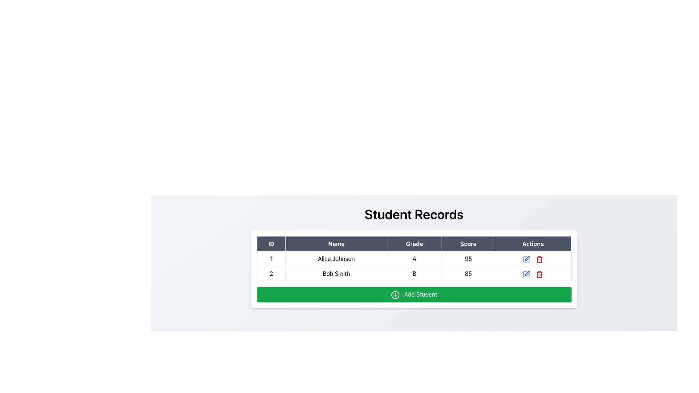 The width and height of the screenshot is (699, 393). Describe the element at coordinates (527, 258) in the screenshot. I see `the edit icon resembling a pencil in the second row of the table under the 'Actions' column` at that location.